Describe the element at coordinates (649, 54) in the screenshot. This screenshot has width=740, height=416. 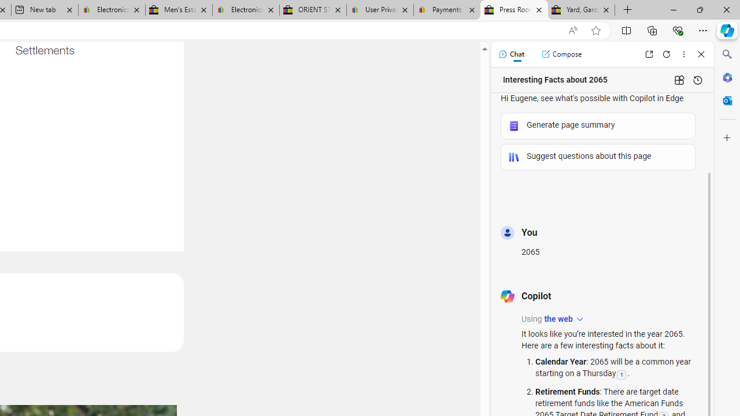
I see `'Open link in new tab'` at that location.